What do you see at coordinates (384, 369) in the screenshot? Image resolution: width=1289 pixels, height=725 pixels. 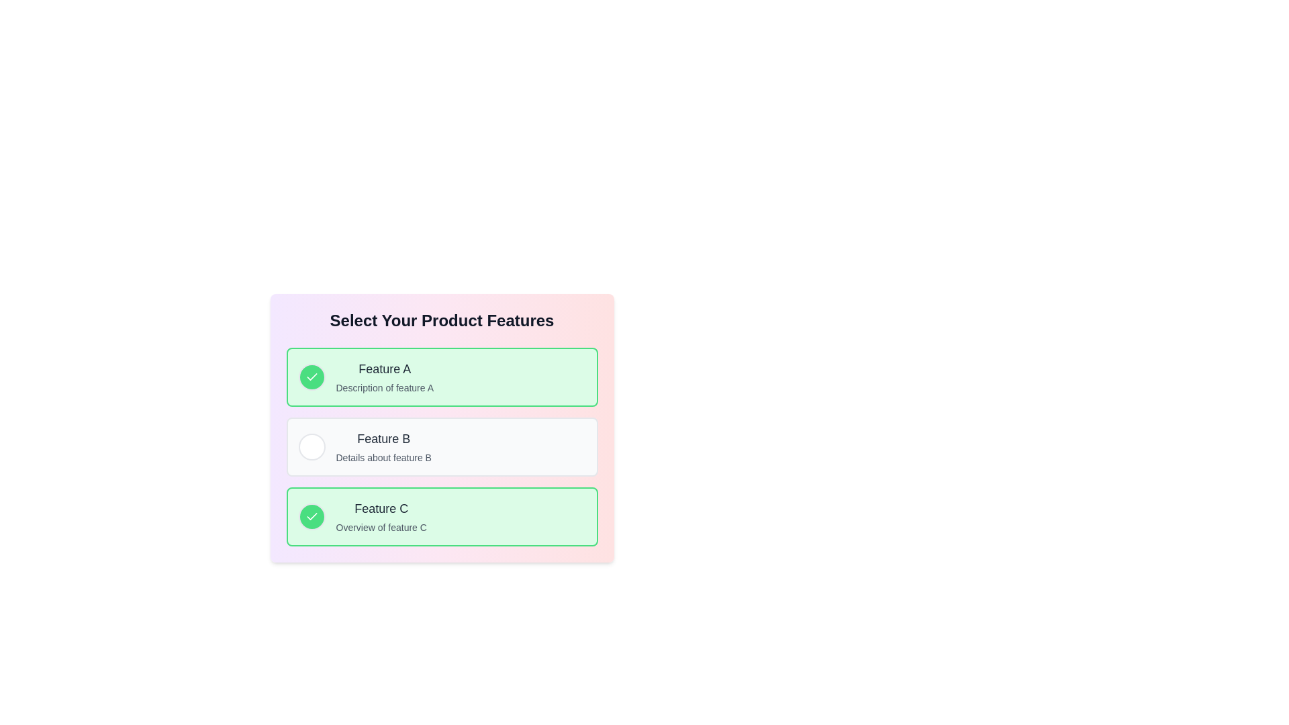 I see `the text label component displaying 'Feature A', which is prominently styled in bold gray font and located within a green background card-like structure` at bounding box center [384, 369].